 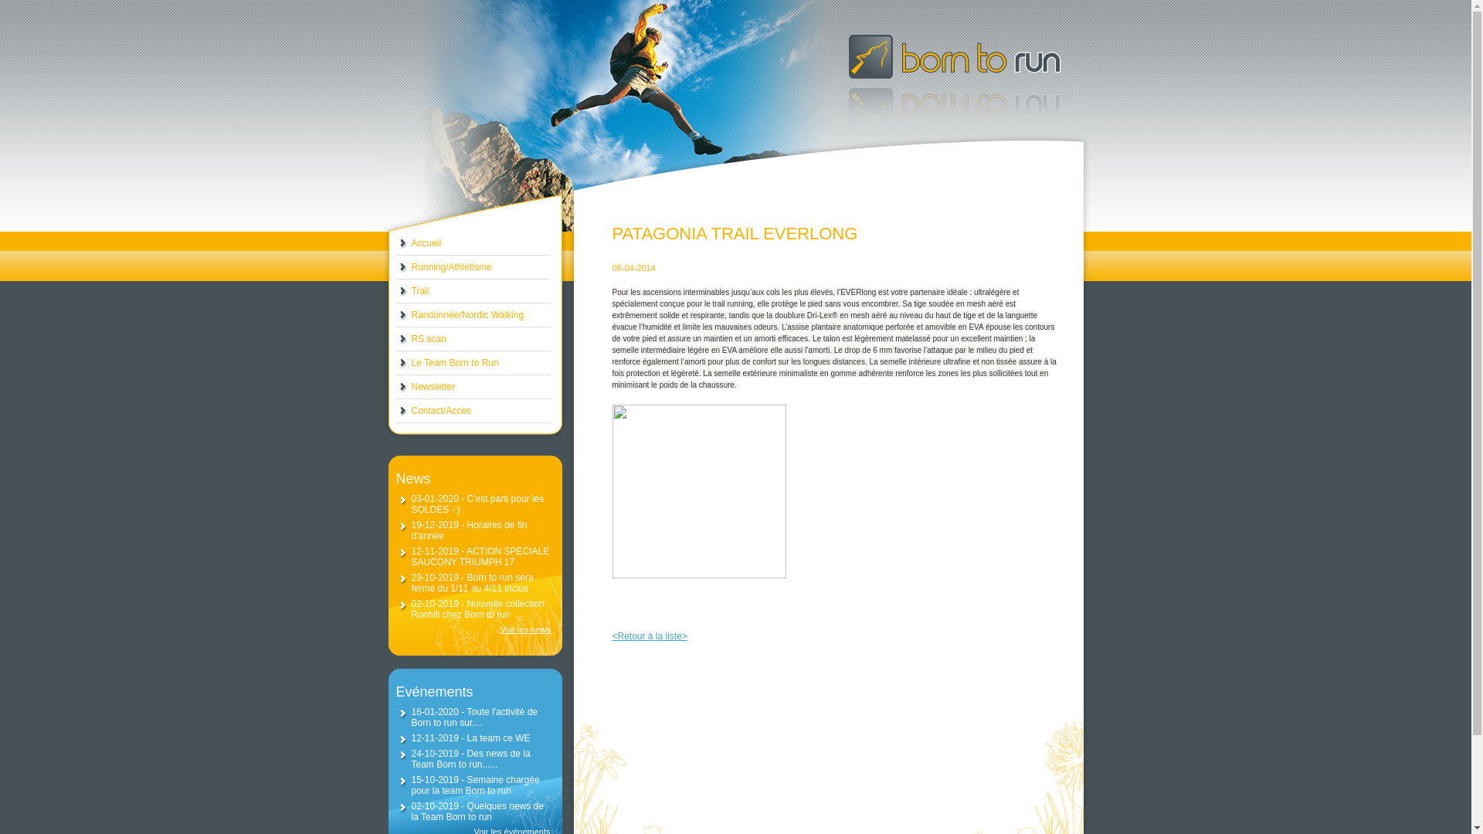 What do you see at coordinates (411, 758) in the screenshot?
I see `'24-10-2019 - Des news de la Team Born to run......'` at bounding box center [411, 758].